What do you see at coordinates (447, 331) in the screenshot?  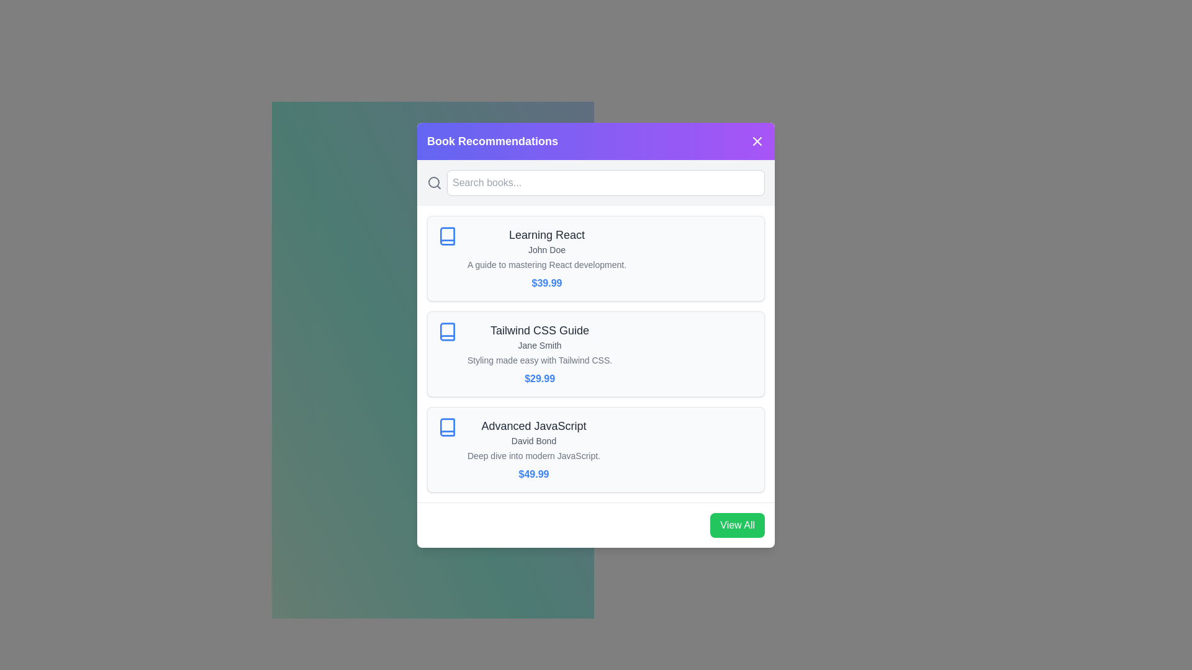 I see `the decorative icon representing the book for 'Tailwind CSS Guide' located at the leftmost side of the book item` at bounding box center [447, 331].